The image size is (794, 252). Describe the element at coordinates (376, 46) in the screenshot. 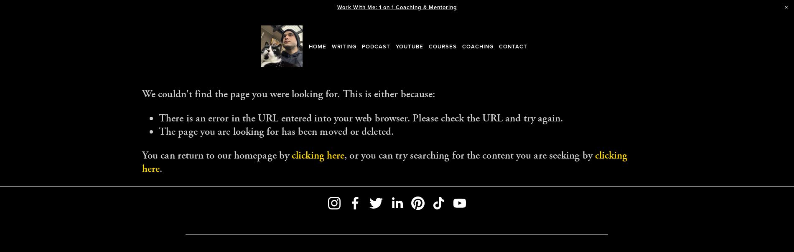

I see `'Podcast'` at that location.